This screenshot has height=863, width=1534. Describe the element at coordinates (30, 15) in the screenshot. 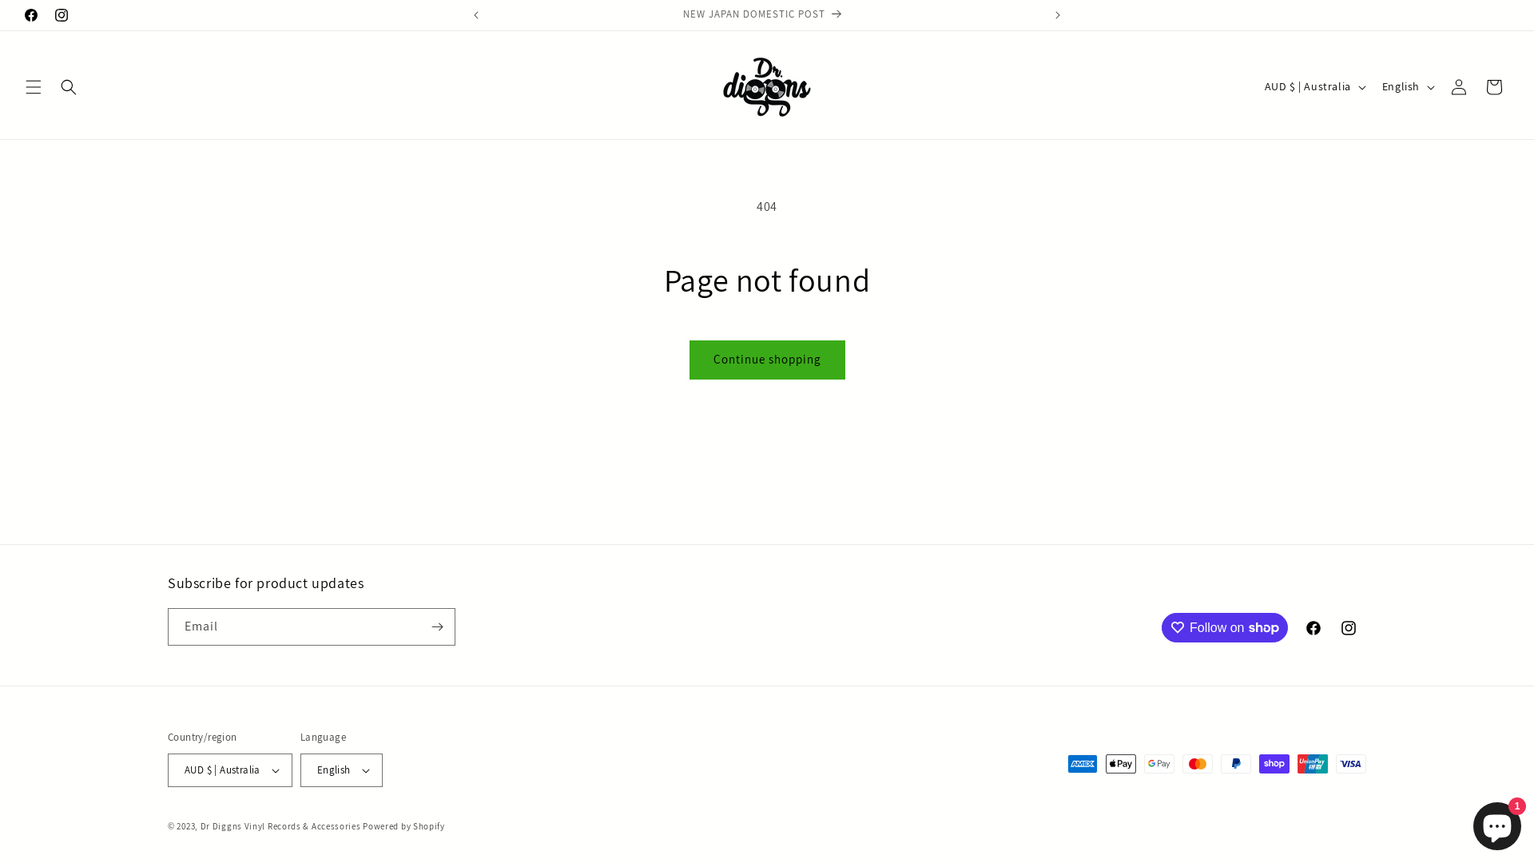

I see `'Facebook'` at that location.